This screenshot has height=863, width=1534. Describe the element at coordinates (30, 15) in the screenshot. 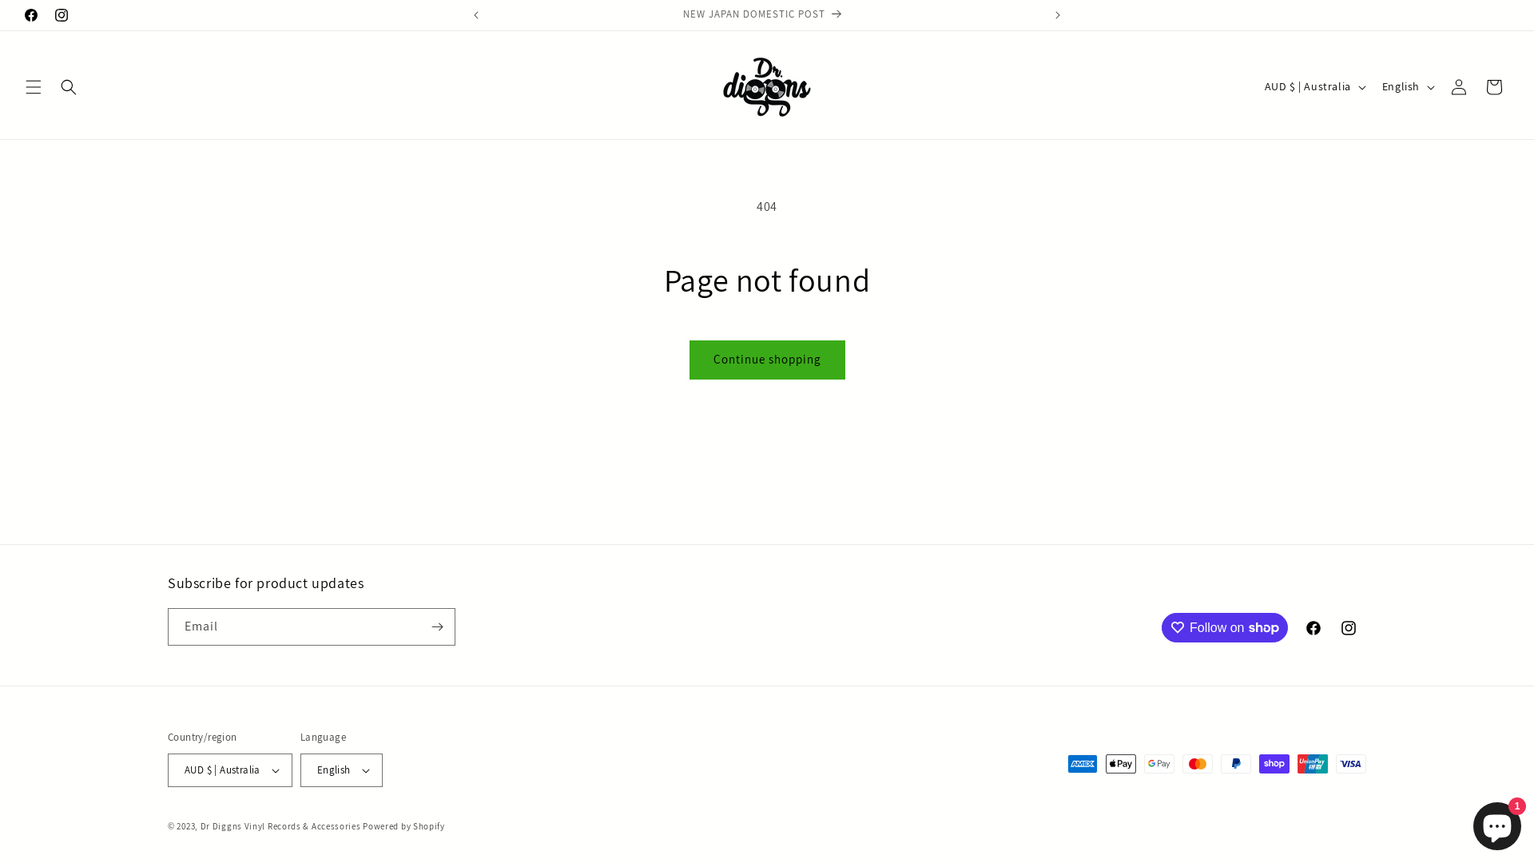

I see `'Facebook'` at that location.